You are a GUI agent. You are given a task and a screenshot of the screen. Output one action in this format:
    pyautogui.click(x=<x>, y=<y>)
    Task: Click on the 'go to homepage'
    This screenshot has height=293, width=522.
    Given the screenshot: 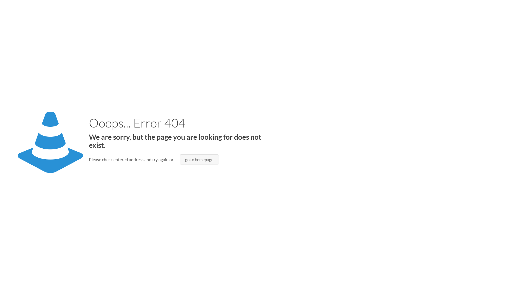 What is the action you would take?
    pyautogui.click(x=199, y=159)
    